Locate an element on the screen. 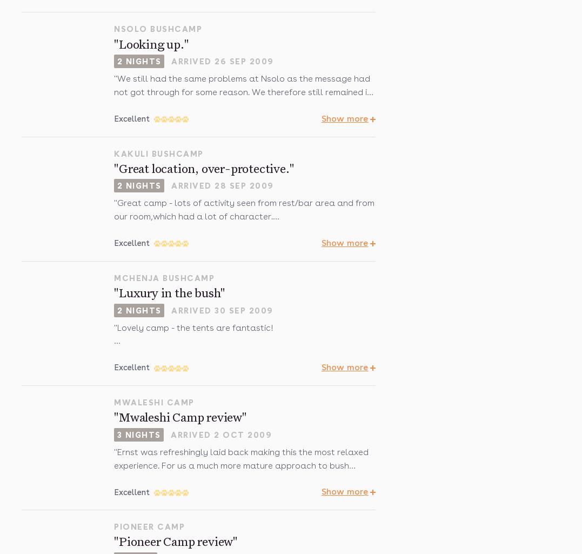  'Finally got our own guide in a sensible group size."' is located at coordinates (216, 350).